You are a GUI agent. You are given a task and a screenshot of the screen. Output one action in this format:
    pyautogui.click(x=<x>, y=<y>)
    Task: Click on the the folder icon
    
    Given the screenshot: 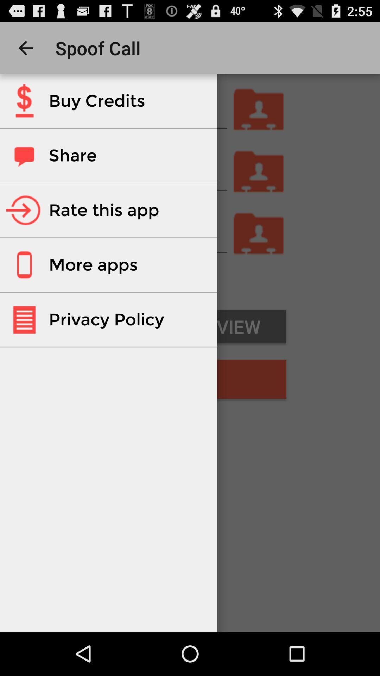 What is the action you would take?
    pyautogui.click(x=259, y=119)
    